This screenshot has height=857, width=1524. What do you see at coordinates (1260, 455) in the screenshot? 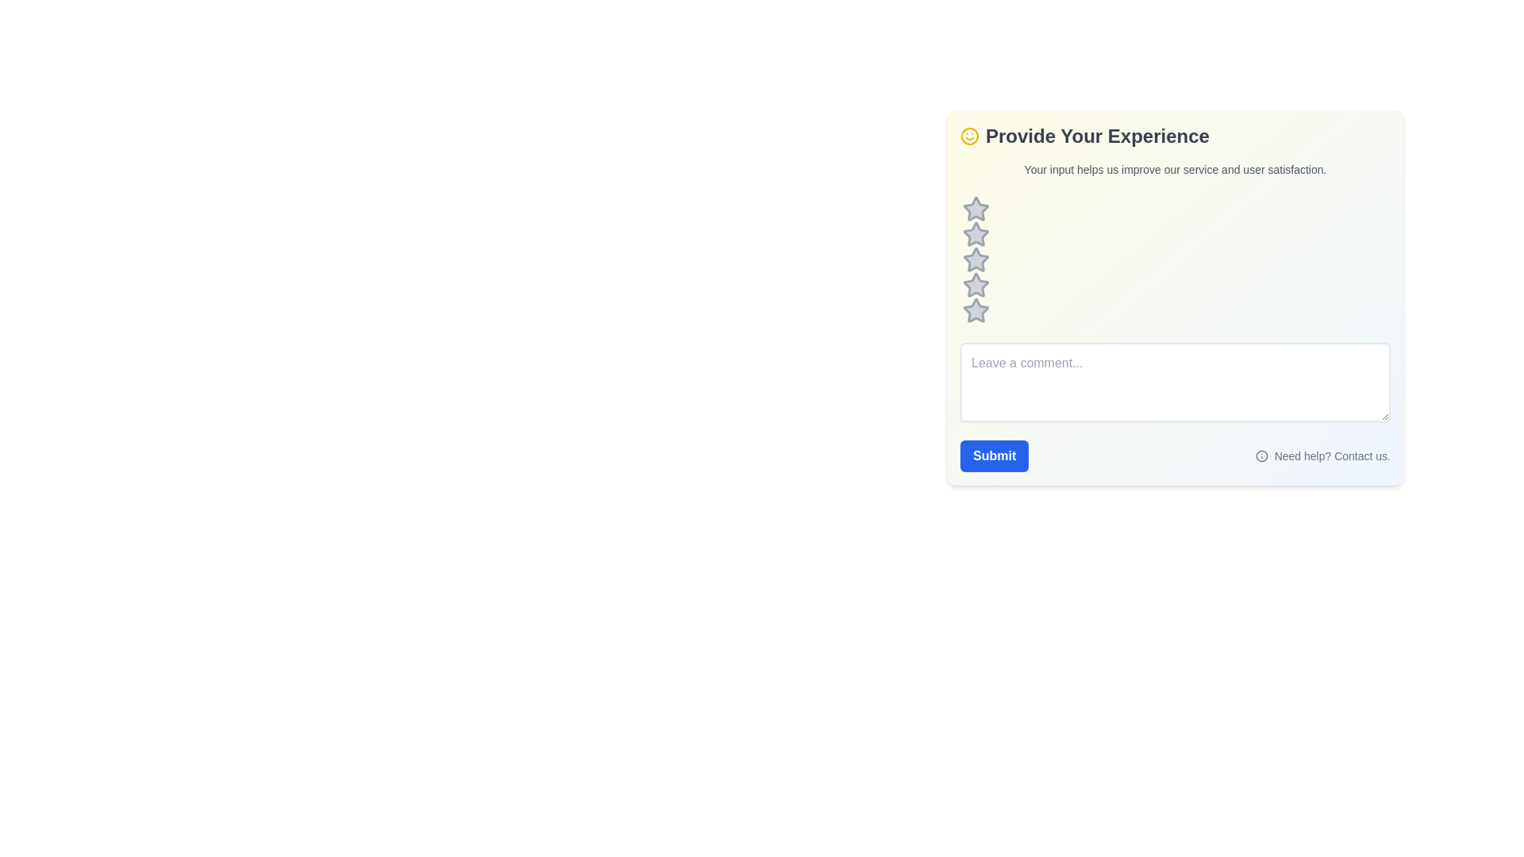
I see `the help icon located on the bottom-right corner of the interface, just to the left of the 'Need help? Contact us.' text` at bounding box center [1260, 455].